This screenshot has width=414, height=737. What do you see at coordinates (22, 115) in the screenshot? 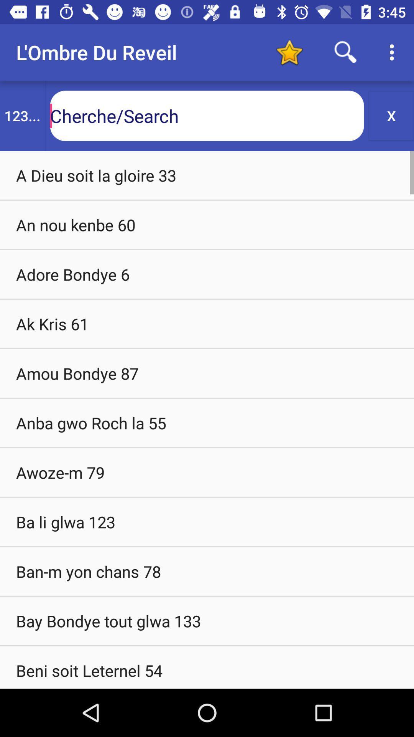
I see `the item below l ombre du item` at bounding box center [22, 115].